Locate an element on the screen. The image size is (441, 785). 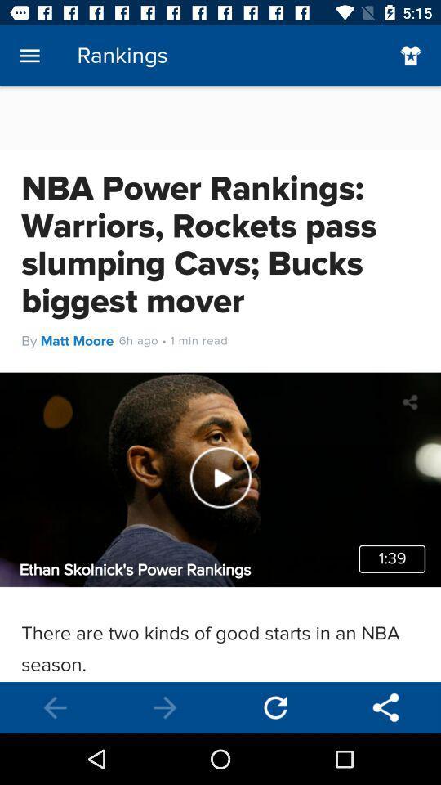
the favorite icon is located at coordinates (410, 56).